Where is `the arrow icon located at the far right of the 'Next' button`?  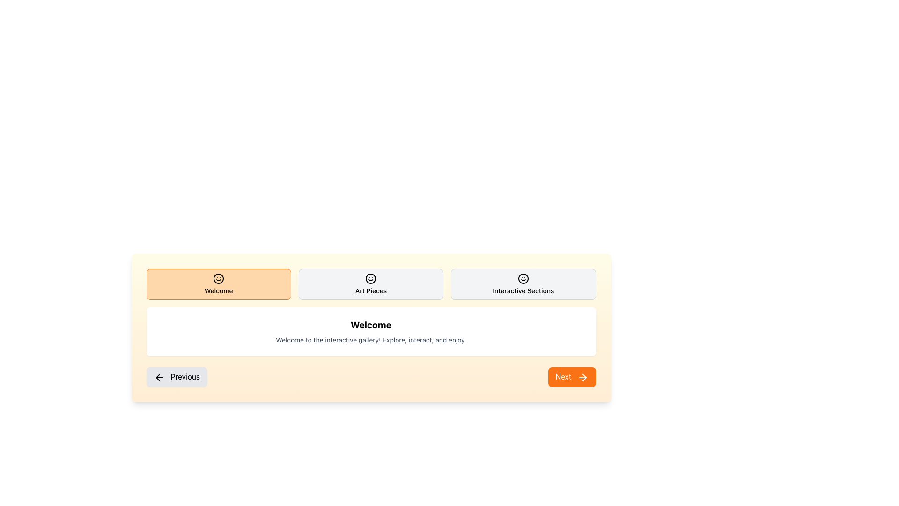 the arrow icon located at the far right of the 'Next' button is located at coordinates (582, 377).